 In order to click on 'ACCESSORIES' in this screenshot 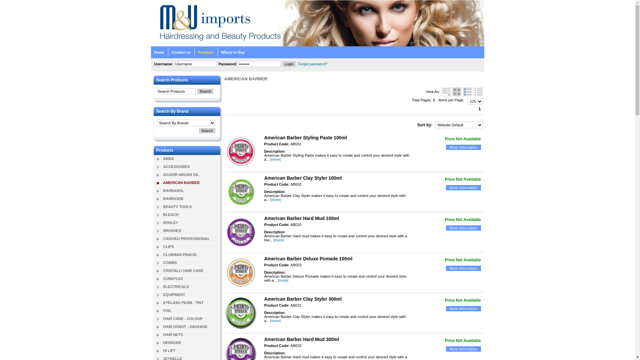, I will do `click(191, 166)`.